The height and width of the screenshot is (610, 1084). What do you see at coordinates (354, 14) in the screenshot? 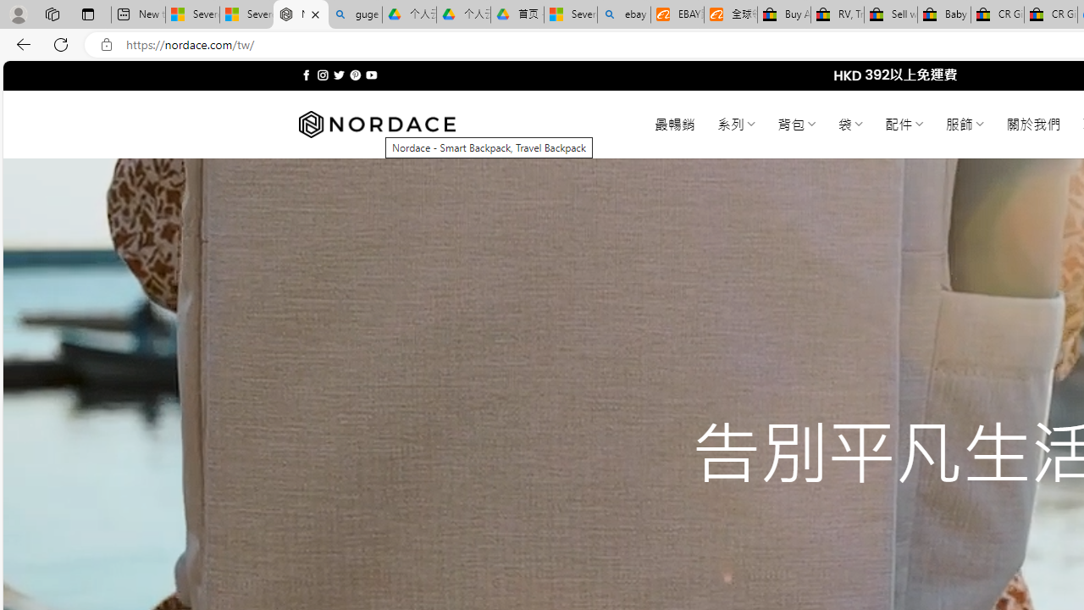
I see `'guge yunpan - Search'` at bounding box center [354, 14].